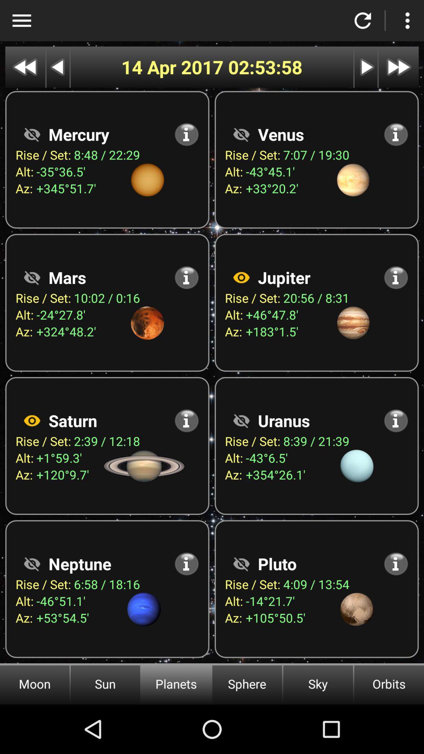 This screenshot has height=754, width=424. Describe the element at coordinates (396, 563) in the screenshot. I see `additional information` at that location.